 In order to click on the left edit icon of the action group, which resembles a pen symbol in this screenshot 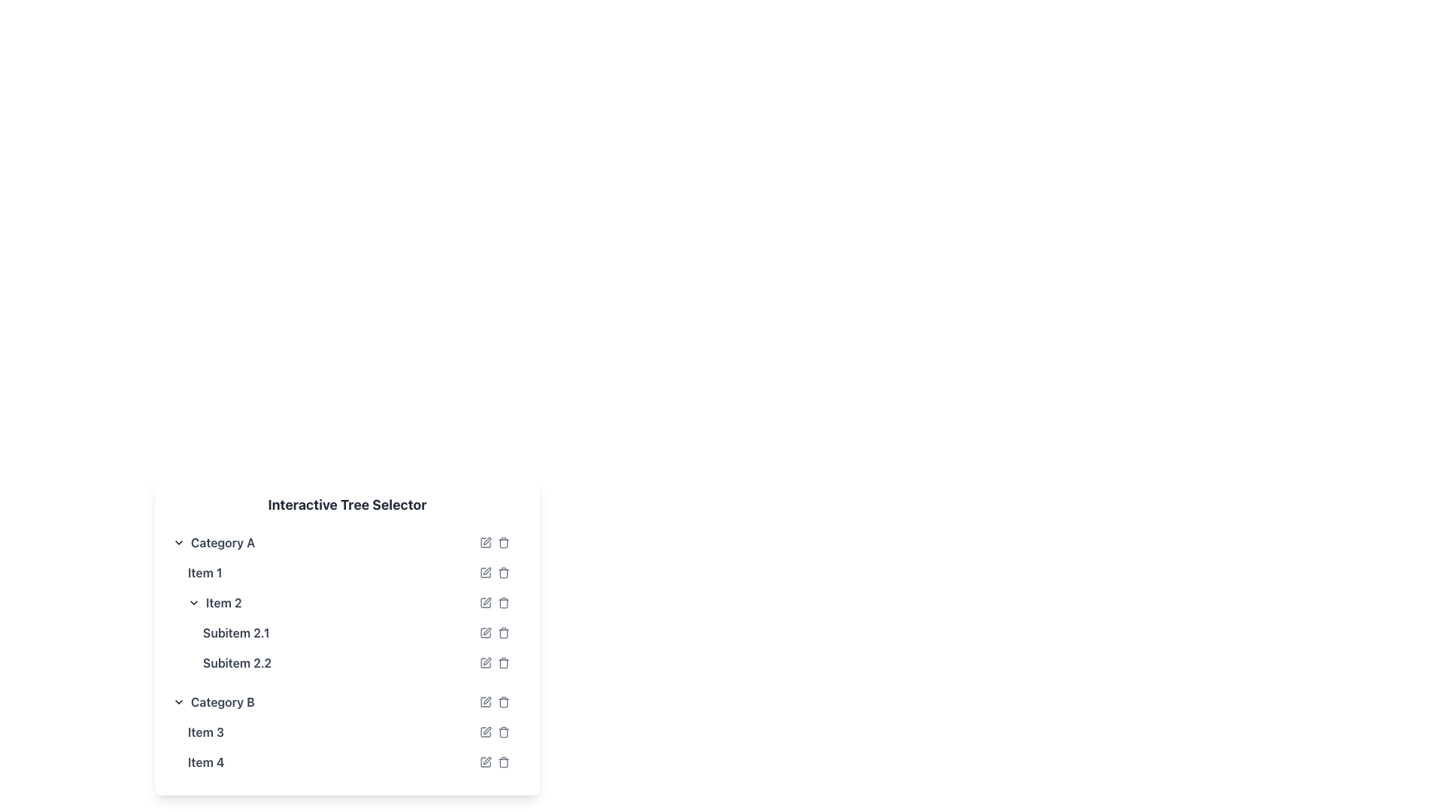, I will do `click(494, 542)`.